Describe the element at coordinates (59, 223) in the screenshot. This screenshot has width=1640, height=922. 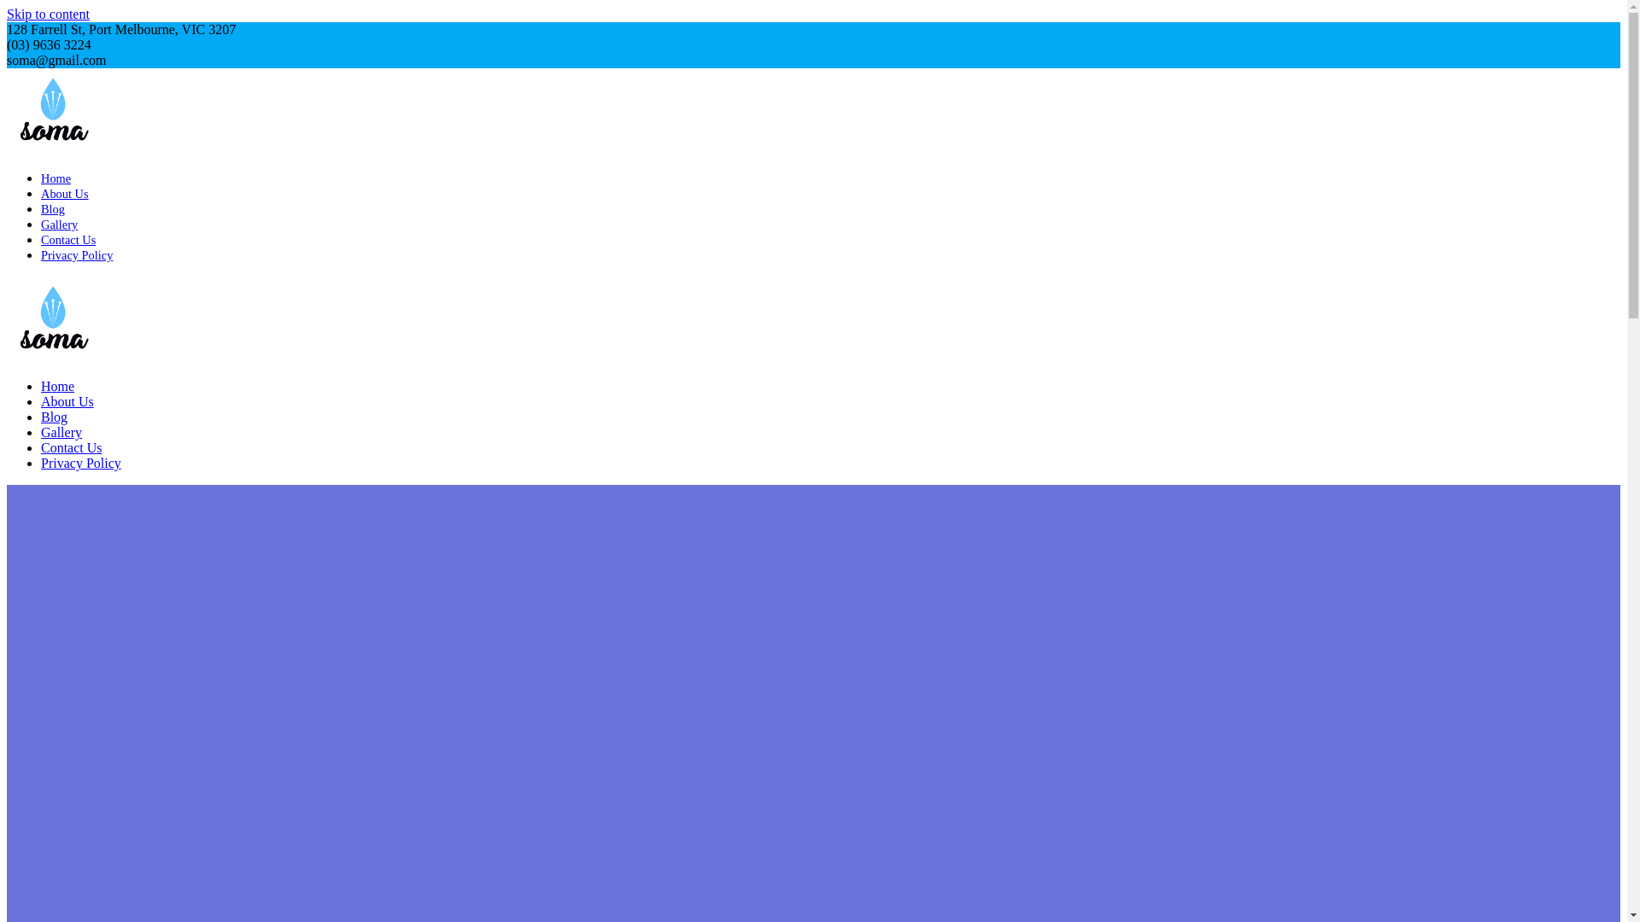
I see `'Gallery'` at that location.